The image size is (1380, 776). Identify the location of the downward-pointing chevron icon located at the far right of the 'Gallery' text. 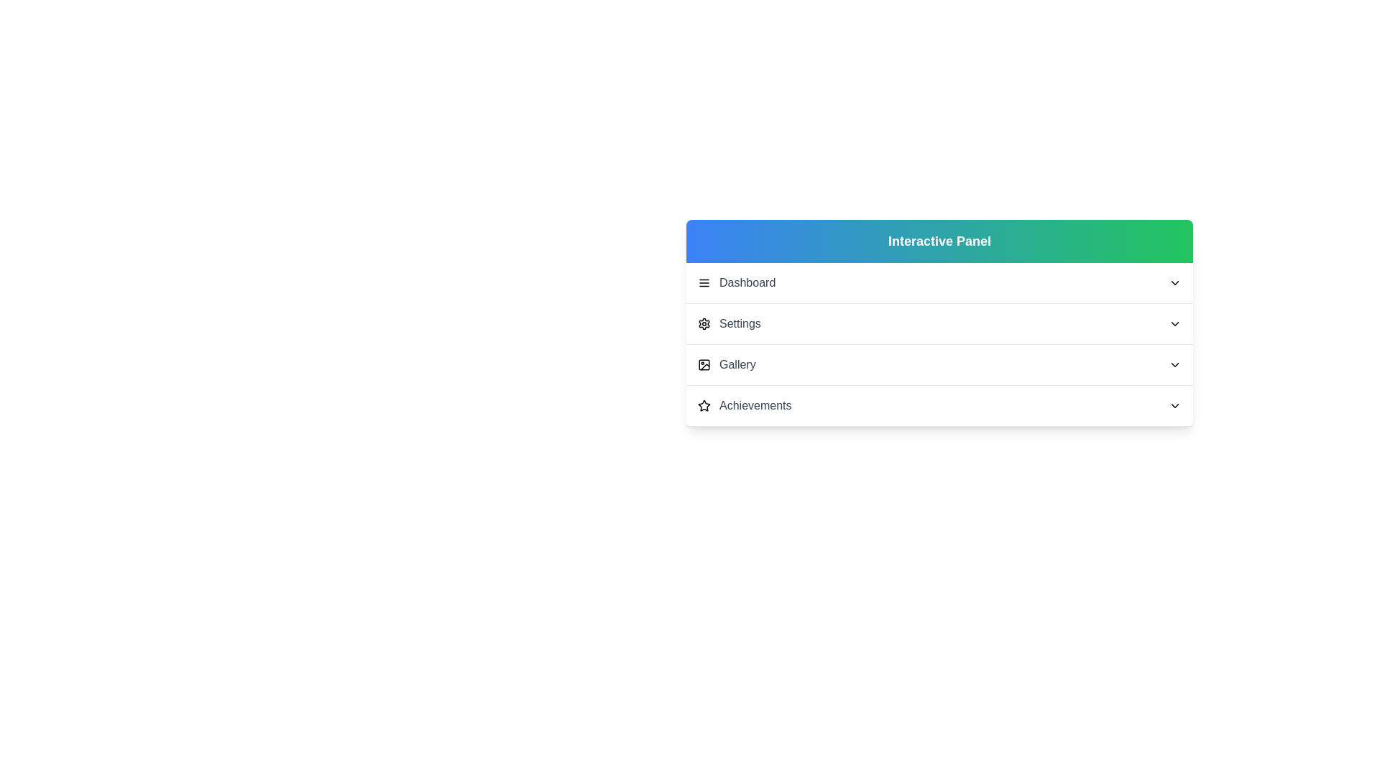
(1175, 364).